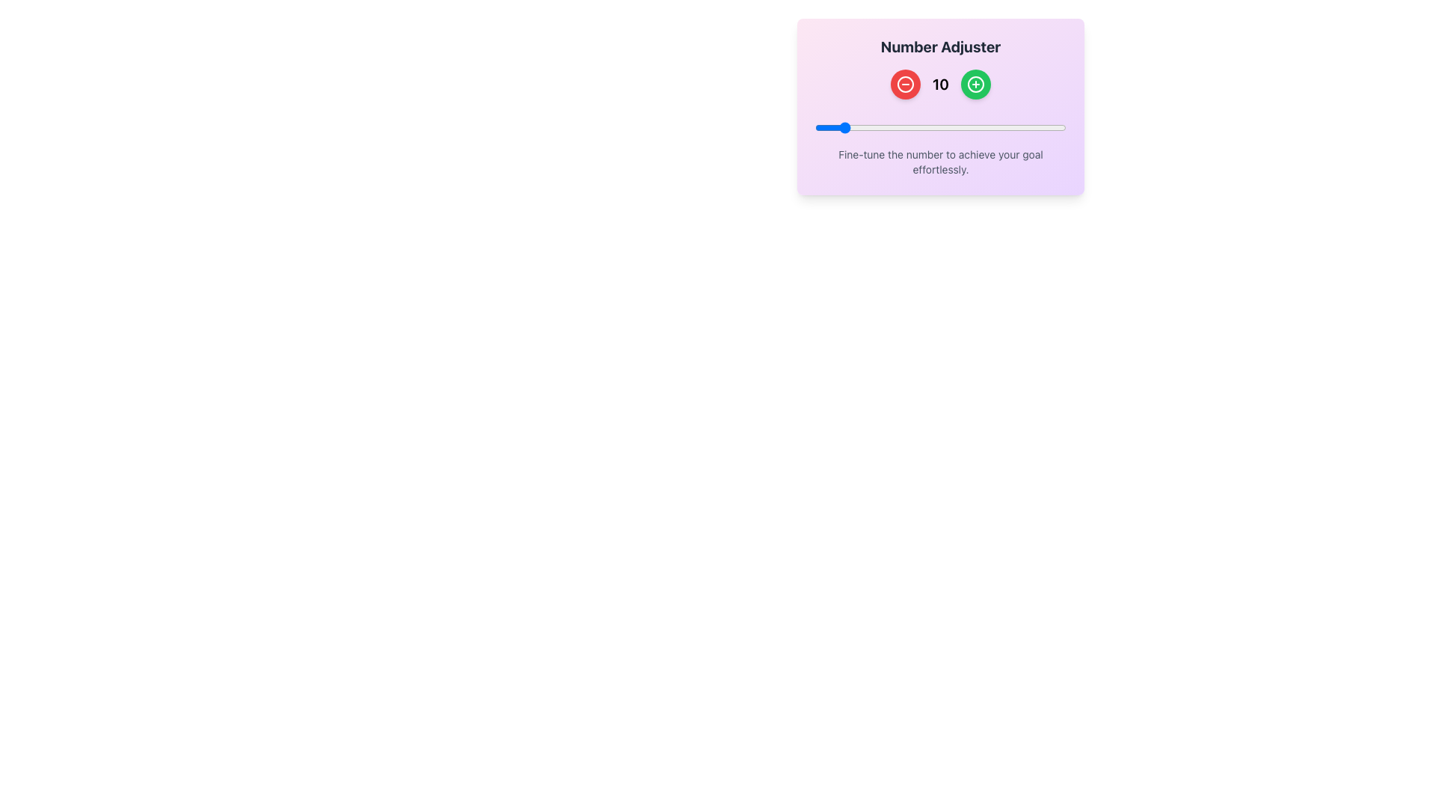 The width and height of the screenshot is (1436, 808). I want to click on the Text Display element that shows the current numerical value in the 'Number Adjuster' section, located centrally in the interface, so click(939, 84).